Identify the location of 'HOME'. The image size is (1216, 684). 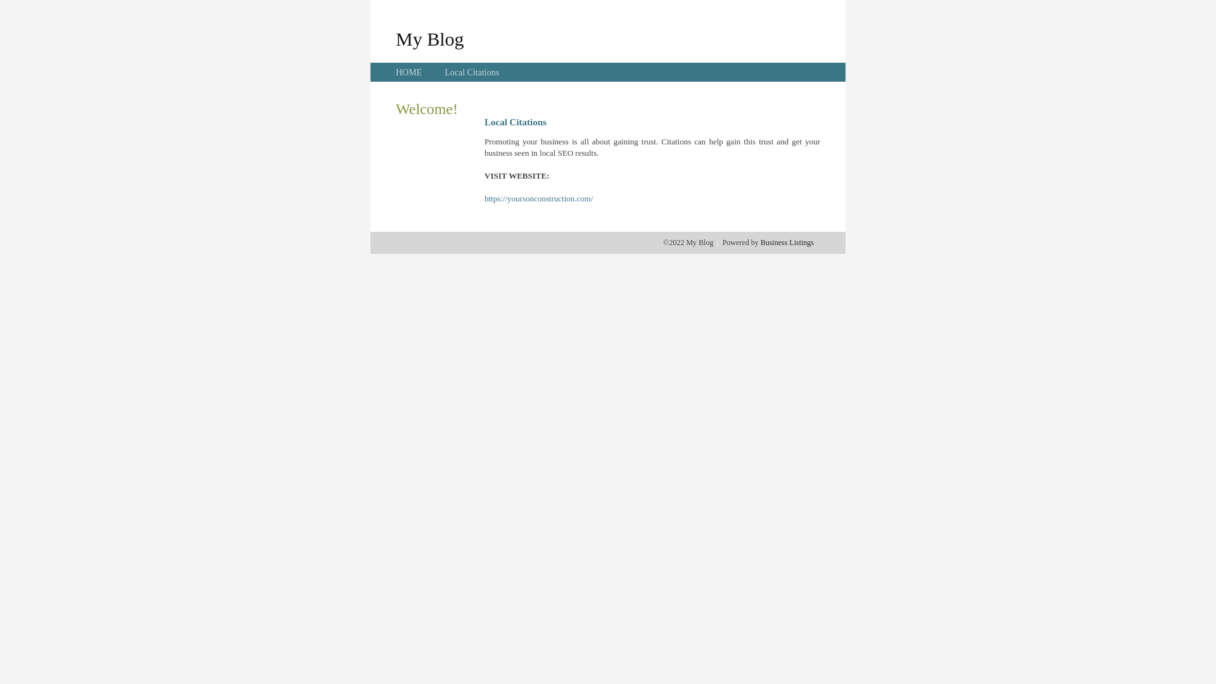
(408, 72).